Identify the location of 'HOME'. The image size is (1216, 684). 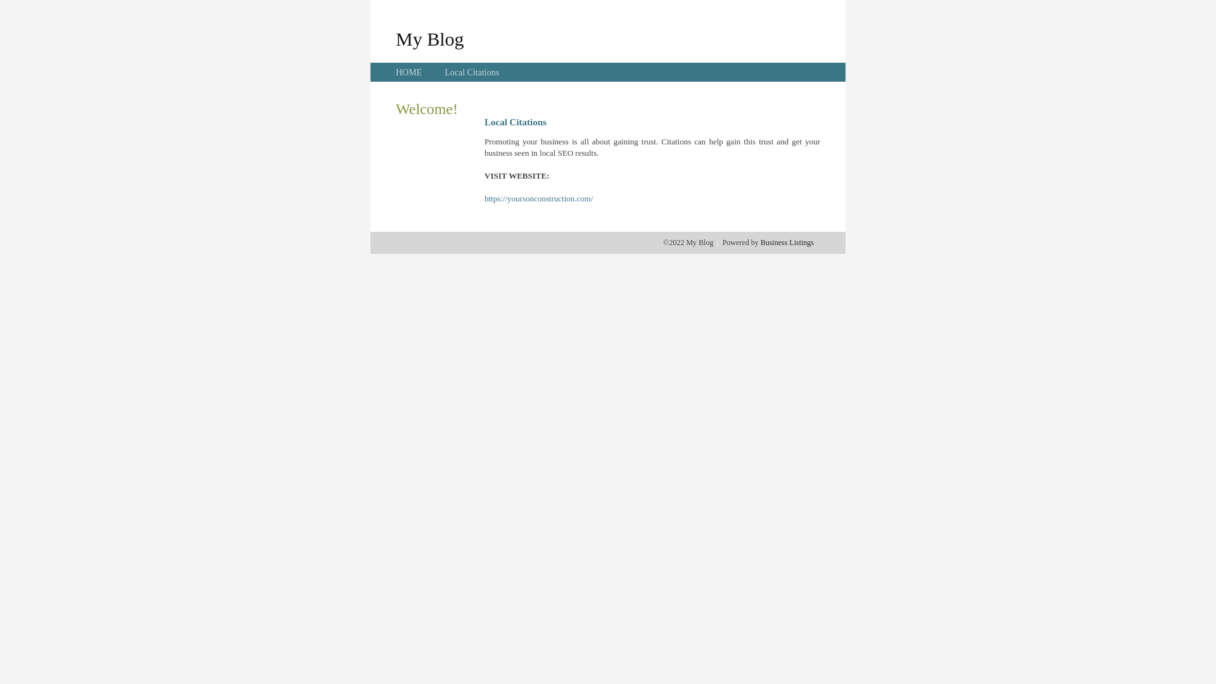
(408, 72).